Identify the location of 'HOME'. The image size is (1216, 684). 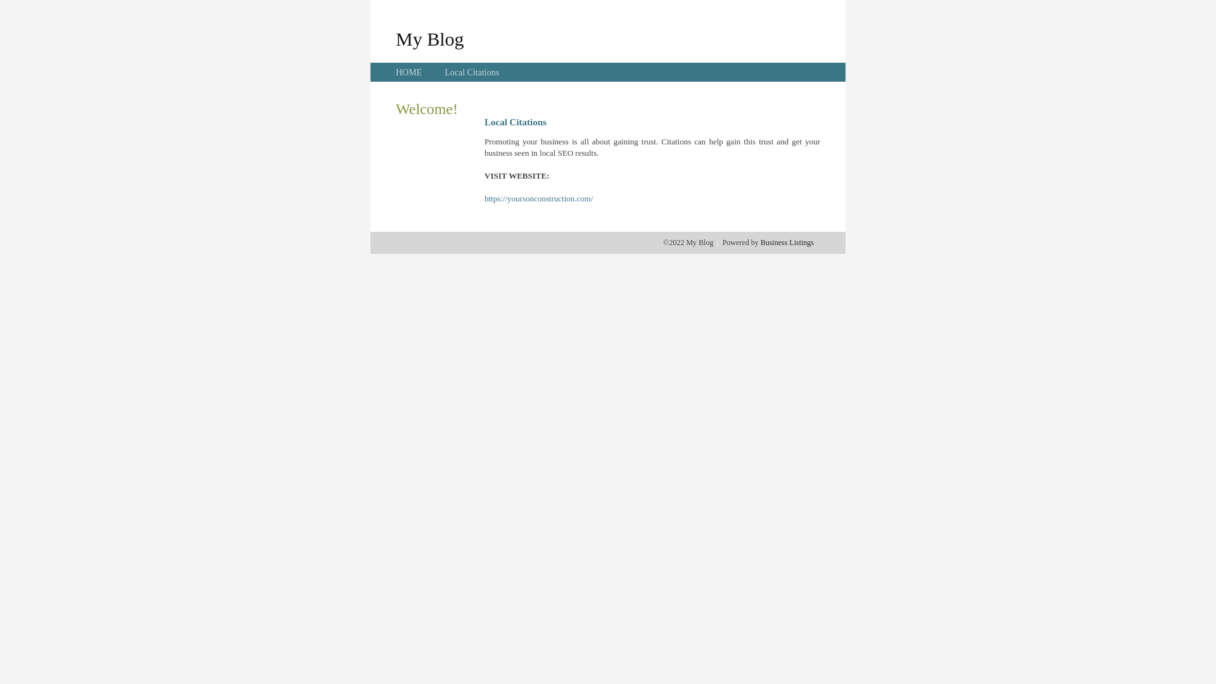
(408, 72).